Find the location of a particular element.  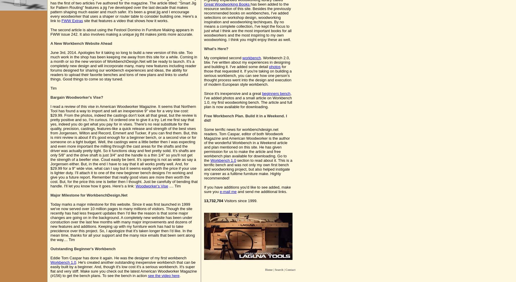

'If 
                    you have additions you'd like to see added, make sure you' is located at coordinates (247, 189).